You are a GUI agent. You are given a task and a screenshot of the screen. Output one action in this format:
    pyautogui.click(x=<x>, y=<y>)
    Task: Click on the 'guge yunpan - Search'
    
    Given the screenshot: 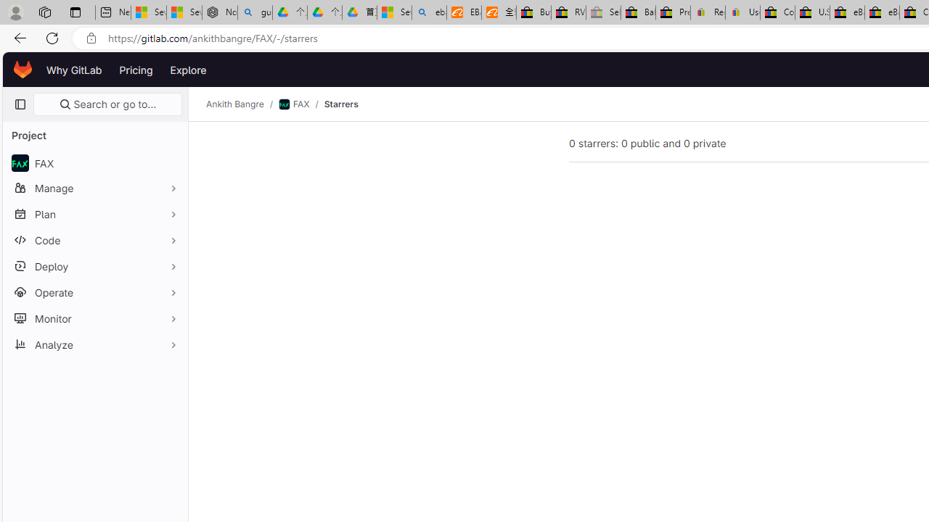 What is the action you would take?
    pyautogui.click(x=255, y=12)
    